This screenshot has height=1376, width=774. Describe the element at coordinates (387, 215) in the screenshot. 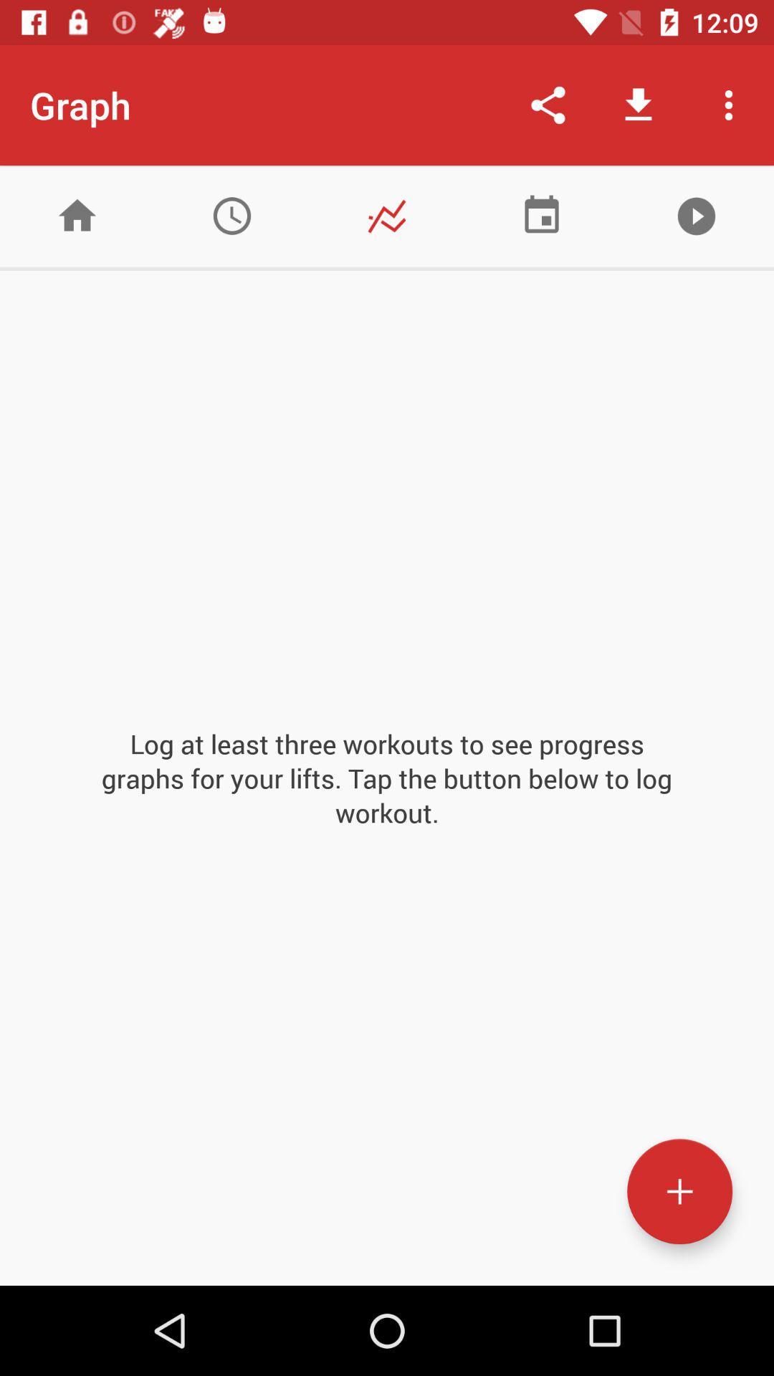

I see `switch graphs option` at that location.